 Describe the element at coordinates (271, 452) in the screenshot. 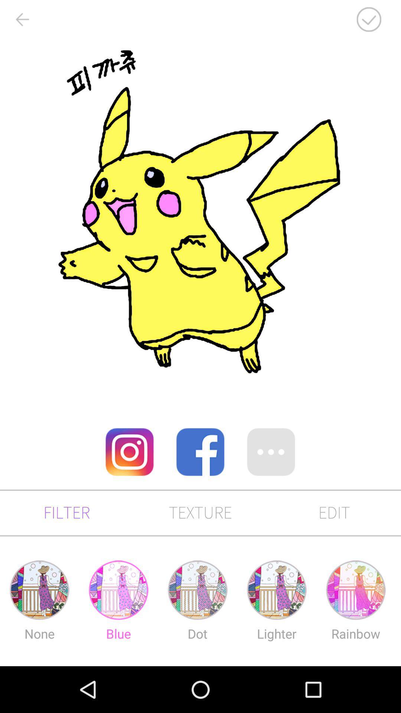

I see `the more icon` at that location.